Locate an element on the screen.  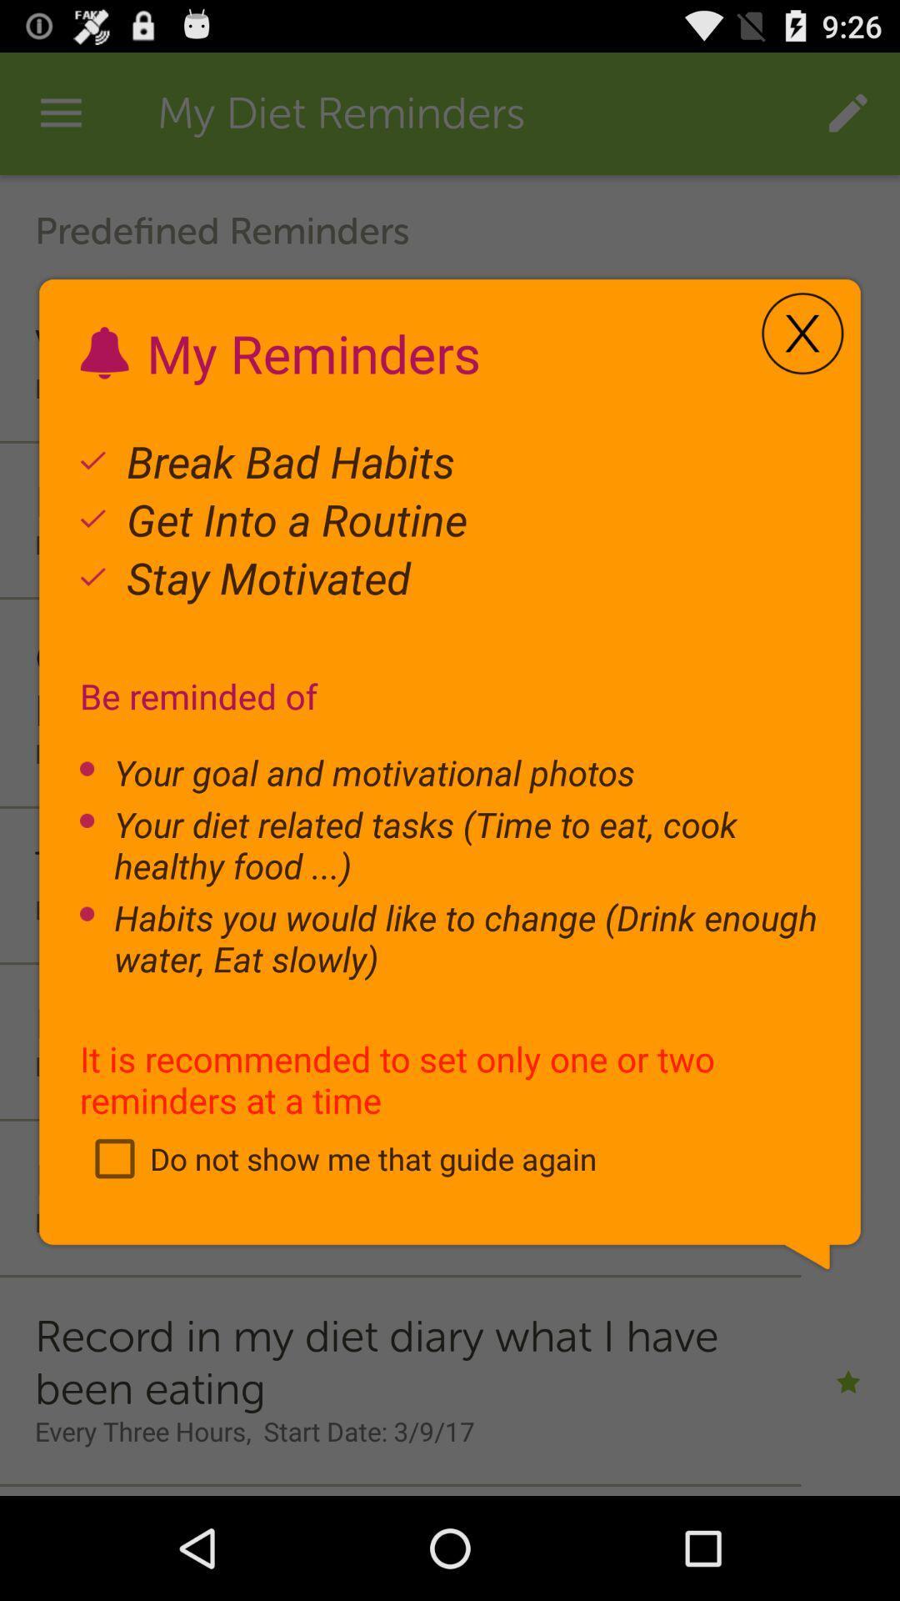
the icon below it is recommended icon is located at coordinates (337, 1157).